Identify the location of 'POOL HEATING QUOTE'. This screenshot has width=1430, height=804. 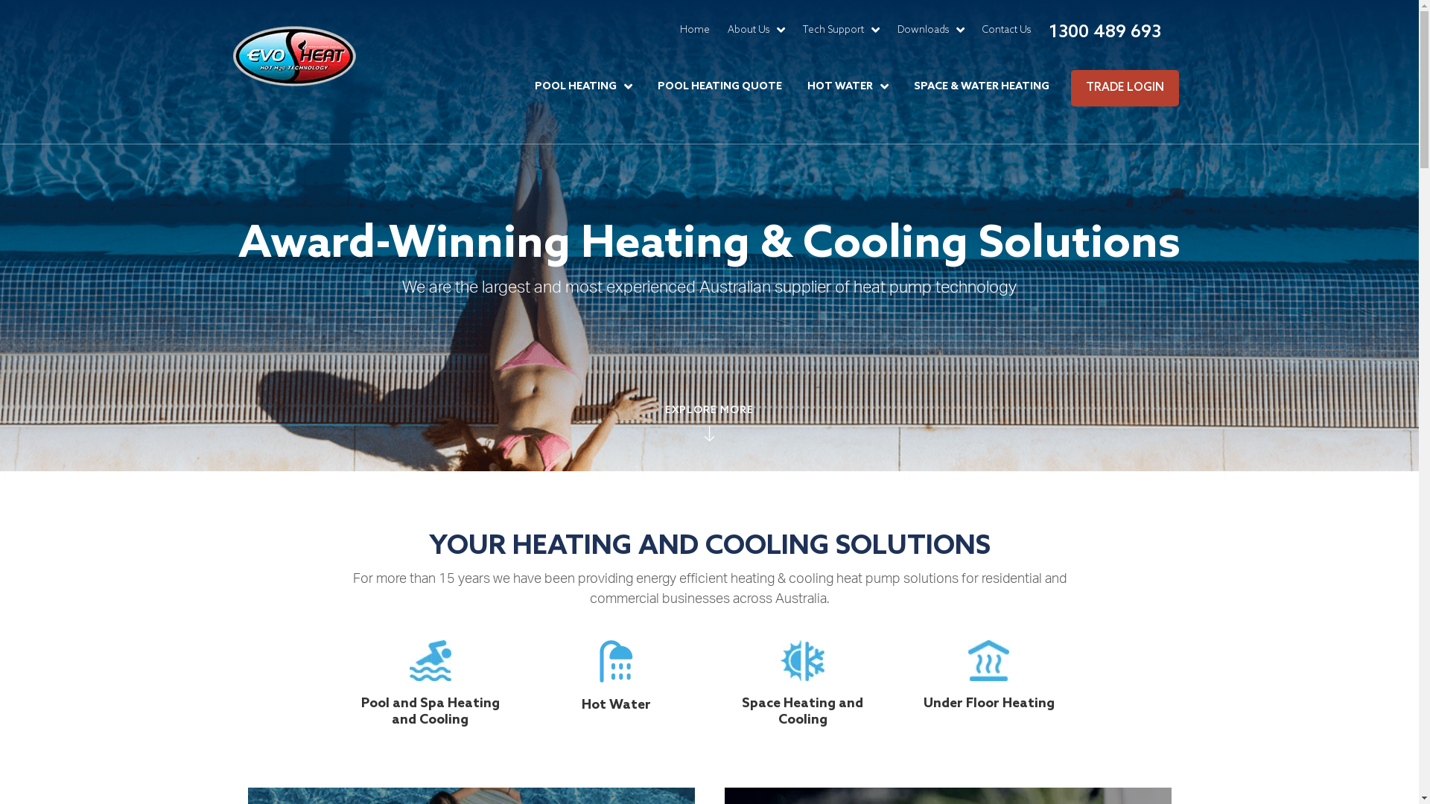
(719, 86).